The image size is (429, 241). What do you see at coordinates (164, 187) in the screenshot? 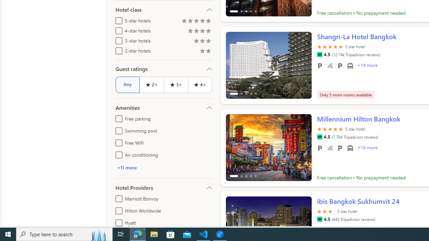
I see `'Hotel Providers'` at bounding box center [164, 187].